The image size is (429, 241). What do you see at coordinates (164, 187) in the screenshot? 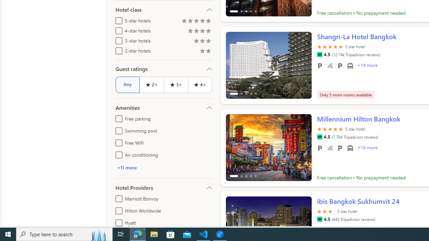
I see `'Hotel Providers'` at bounding box center [164, 187].